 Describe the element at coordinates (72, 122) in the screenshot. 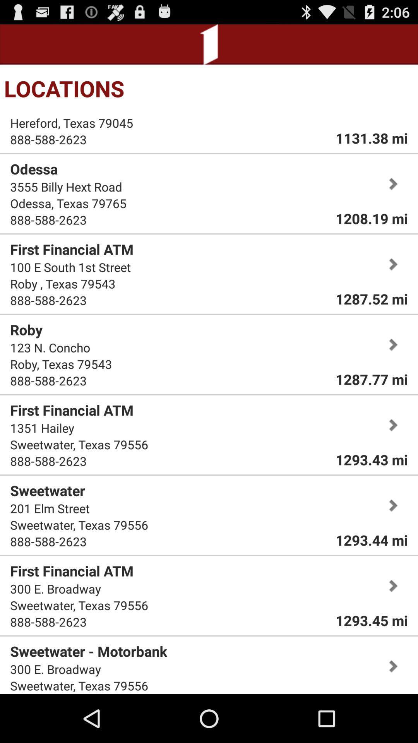

I see `item above 888-588-2623` at that location.